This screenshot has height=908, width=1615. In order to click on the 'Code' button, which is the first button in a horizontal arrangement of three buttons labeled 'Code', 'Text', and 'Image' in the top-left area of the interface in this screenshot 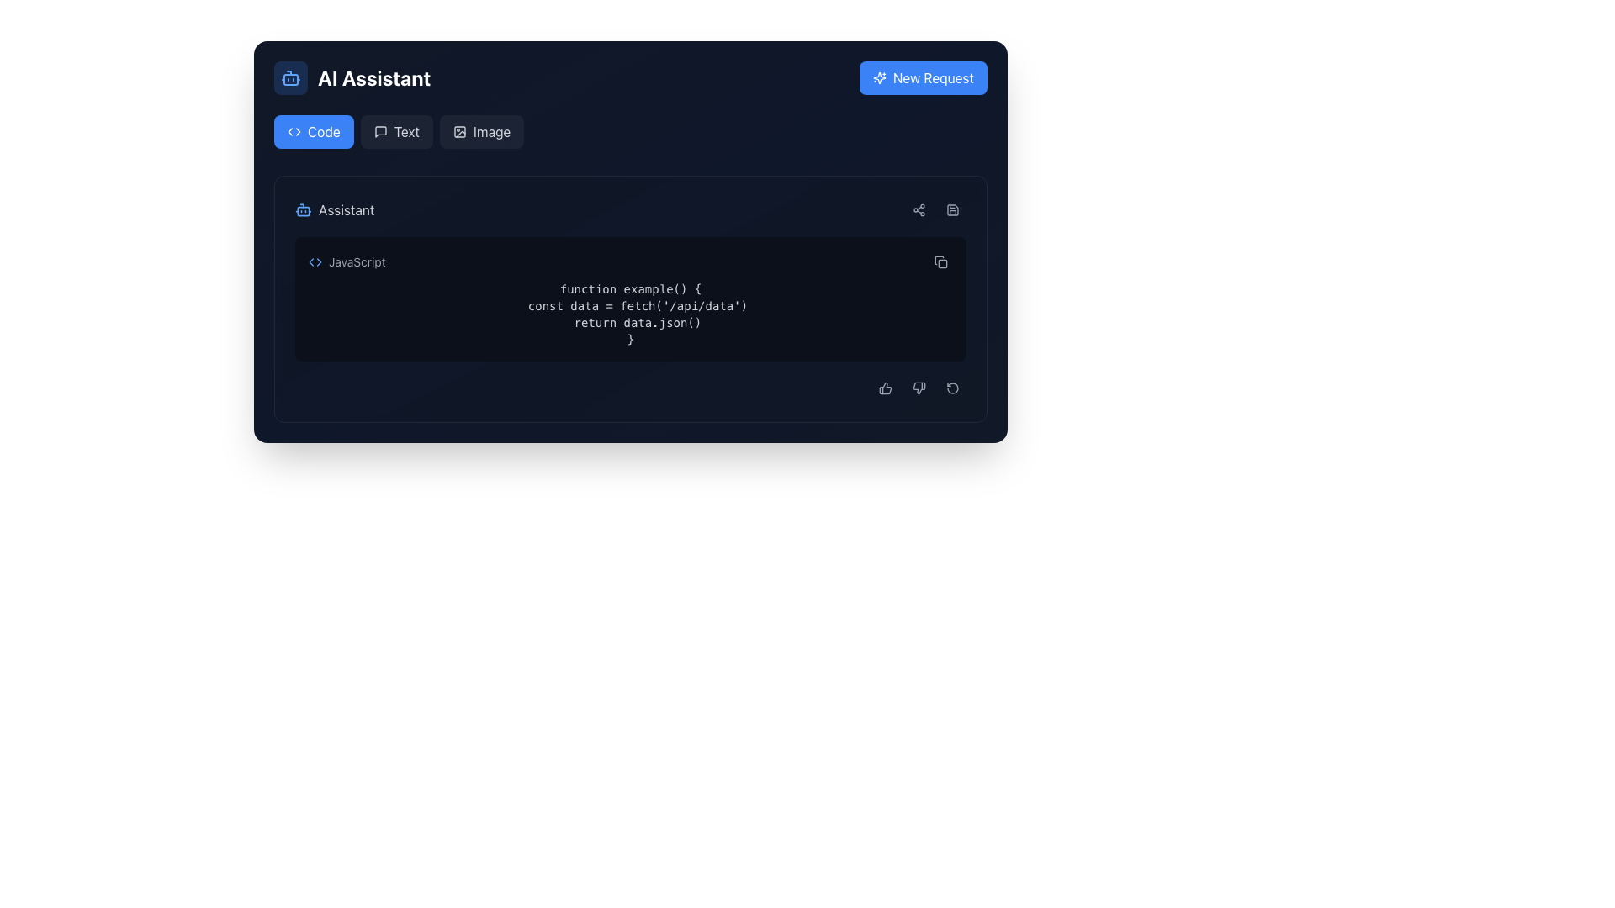, I will do `click(314, 131)`.